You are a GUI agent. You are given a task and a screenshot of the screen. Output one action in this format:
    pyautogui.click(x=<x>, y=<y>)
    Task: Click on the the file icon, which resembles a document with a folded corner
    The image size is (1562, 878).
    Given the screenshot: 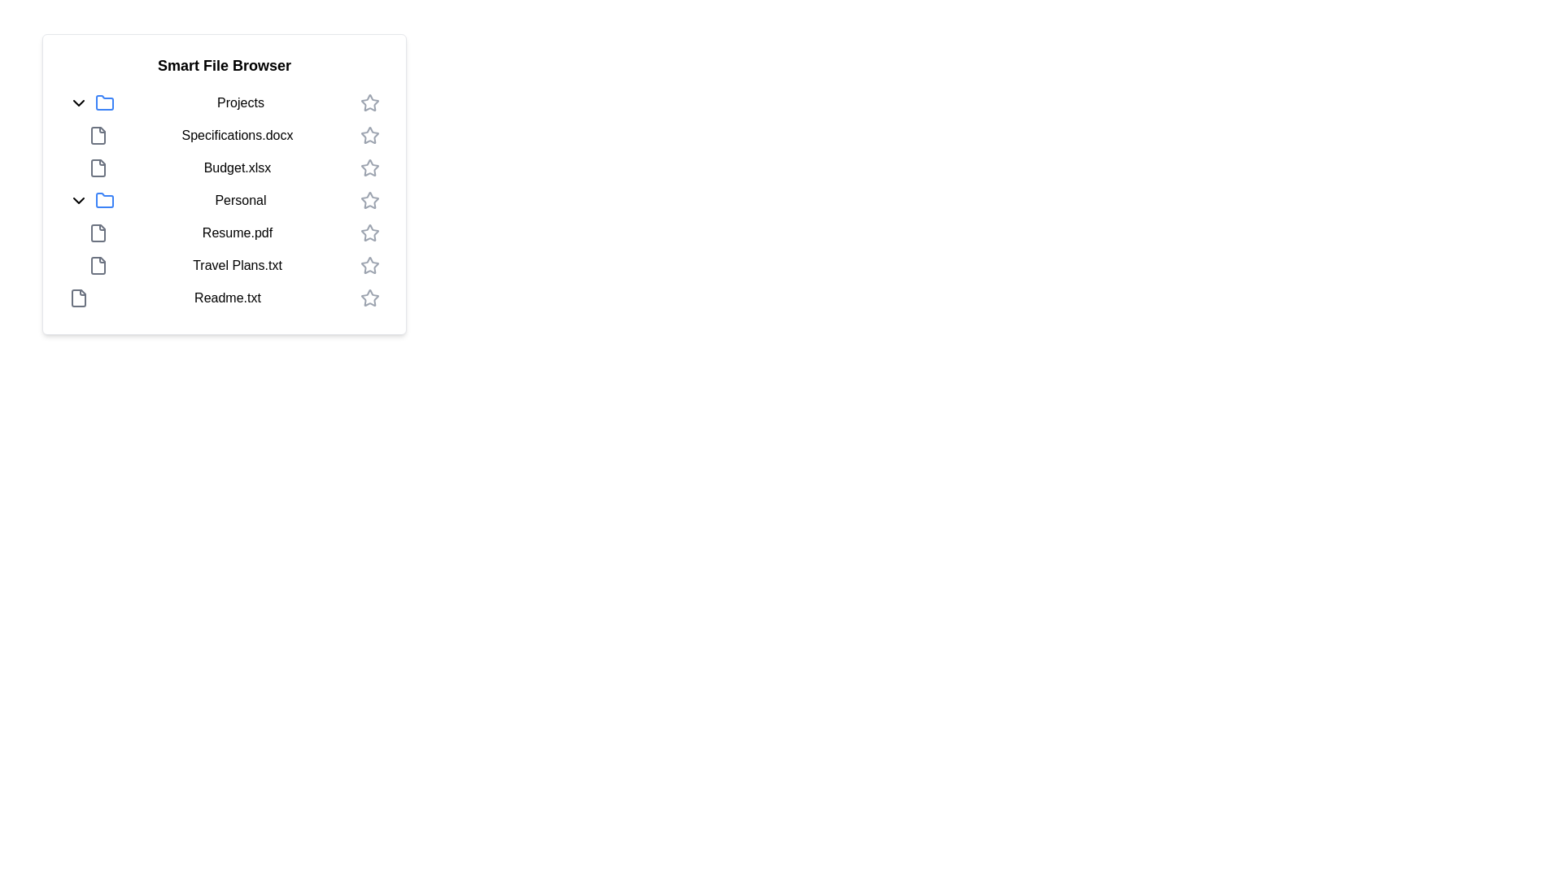 What is the action you would take?
    pyautogui.click(x=97, y=233)
    